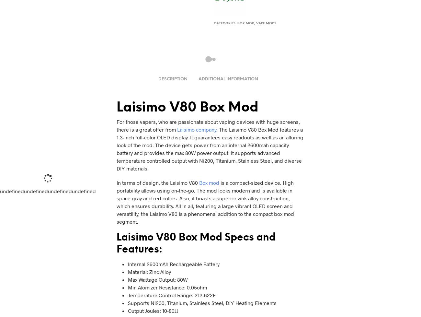 Image resolution: width=421 pixels, height=317 pixels. I want to click on ',', so click(255, 23).